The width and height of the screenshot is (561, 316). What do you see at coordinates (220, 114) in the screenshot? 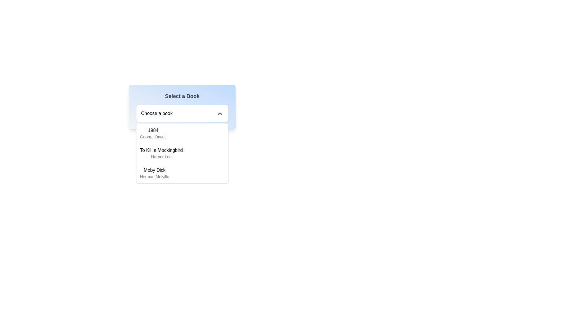
I see `the upward-pointing chevron icon located within the 'Choose a book' dropdown field` at bounding box center [220, 114].